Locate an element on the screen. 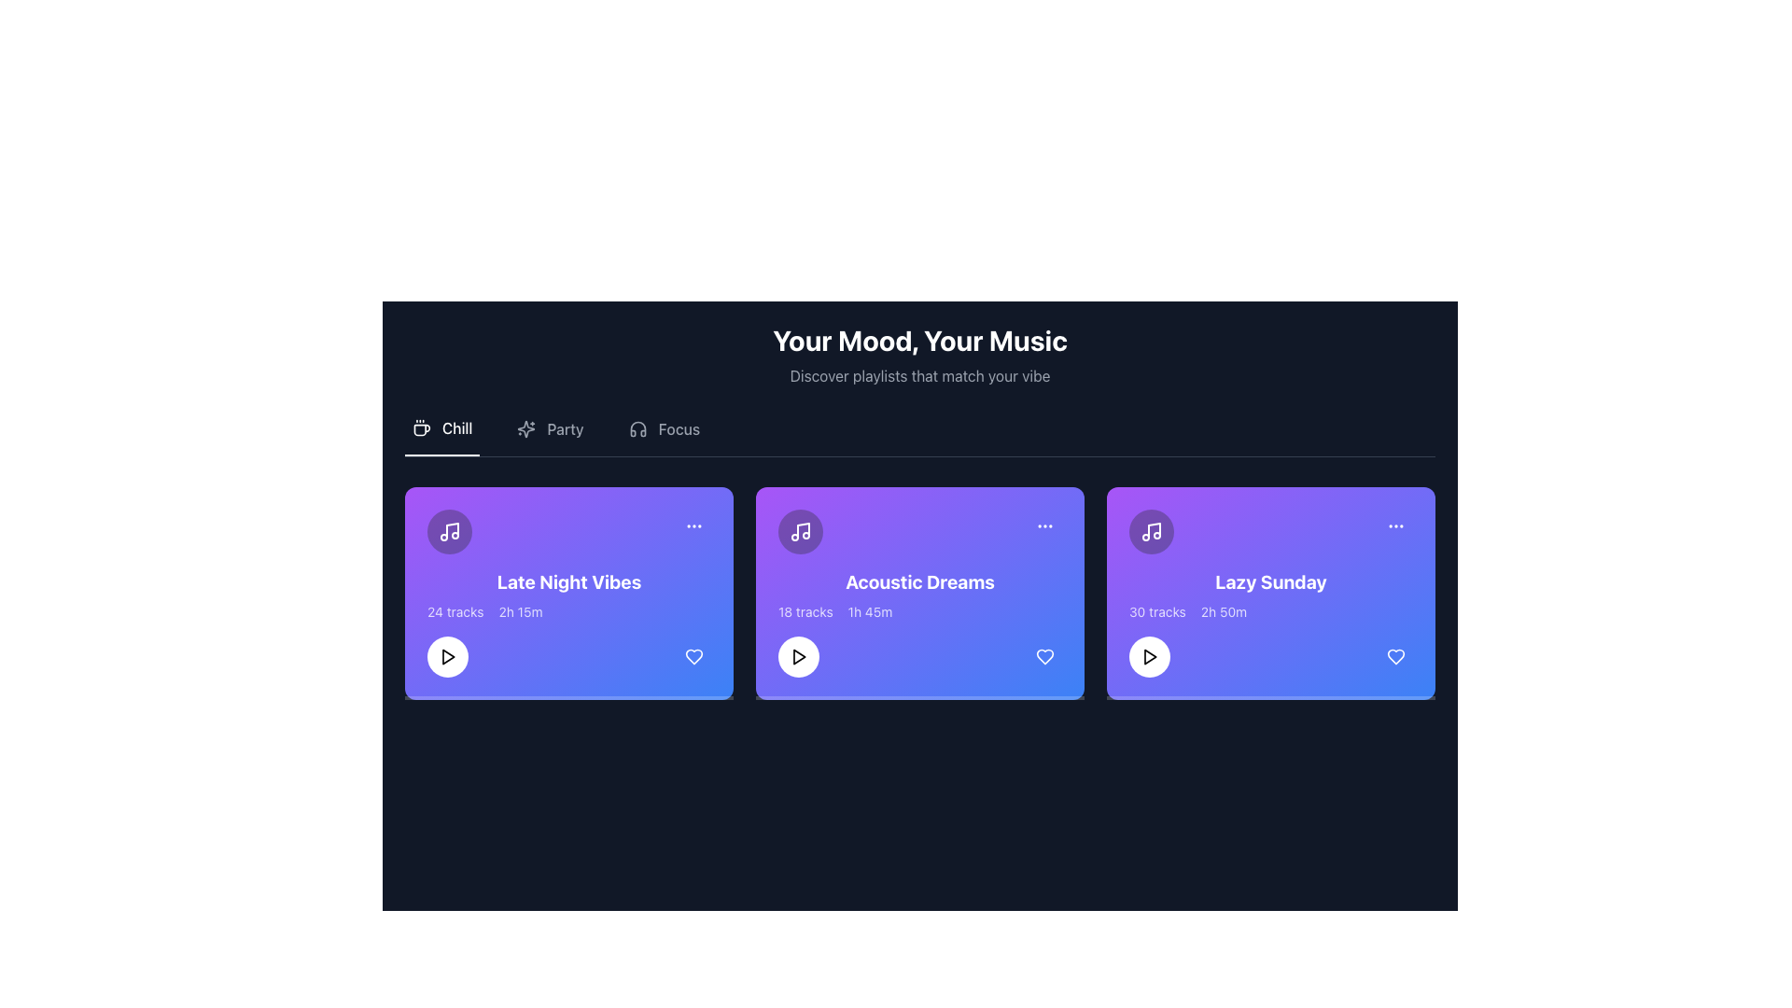 The width and height of the screenshot is (1792, 1008). the ellipsis icon button located at the top-right corner of the 'Late Night Vibes' card is located at coordinates (693, 525).